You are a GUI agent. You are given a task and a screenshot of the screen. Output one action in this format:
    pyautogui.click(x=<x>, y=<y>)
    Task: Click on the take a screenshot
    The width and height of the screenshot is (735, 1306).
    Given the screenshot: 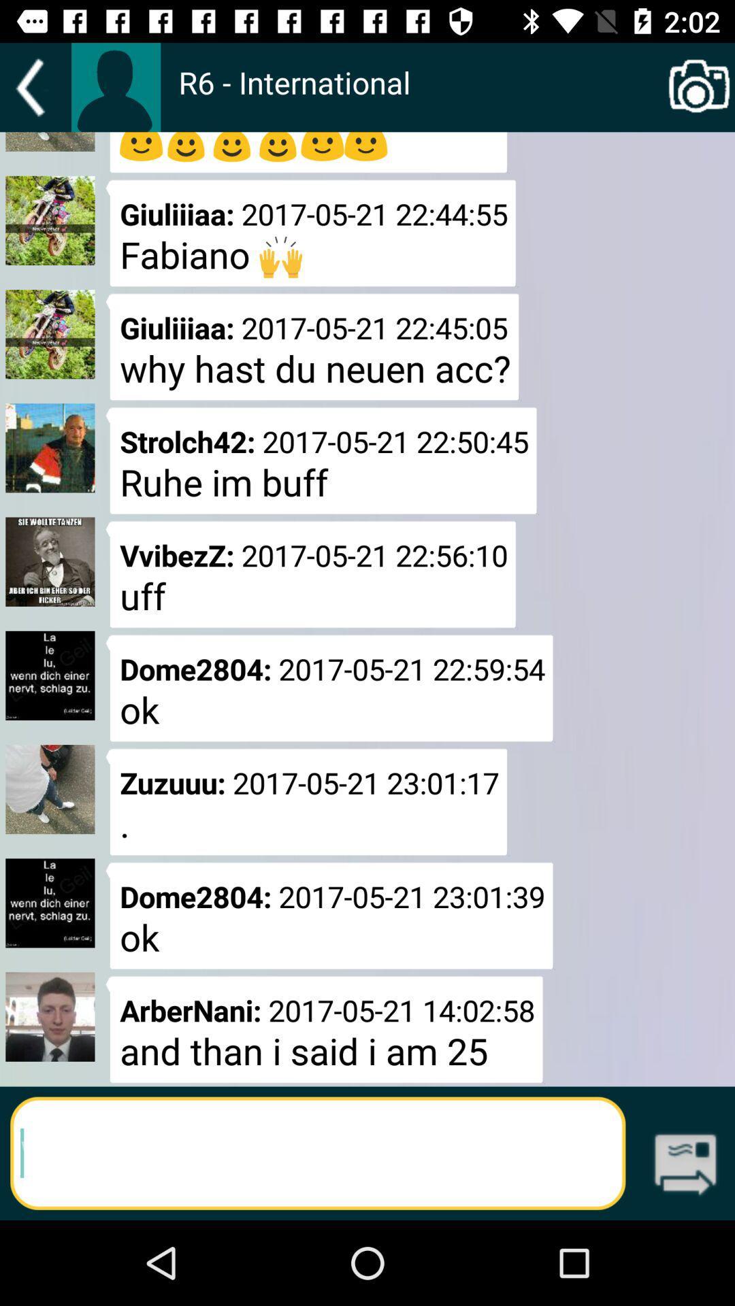 What is the action you would take?
    pyautogui.click(x=699, y=87)
    